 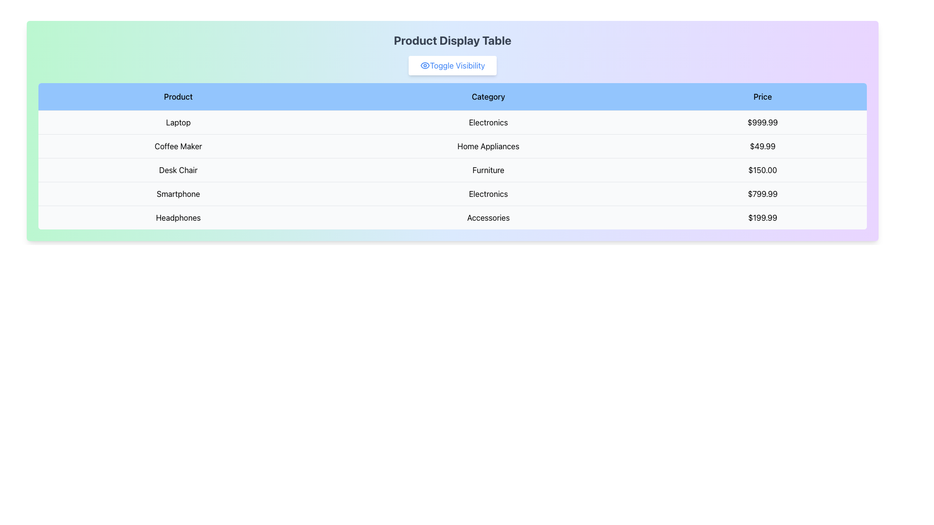 I want to click on the 'Price' table header cell, which is a bold, centered text inside a blue header cell located in the third column of the table header row, so click(x=762, y=97).